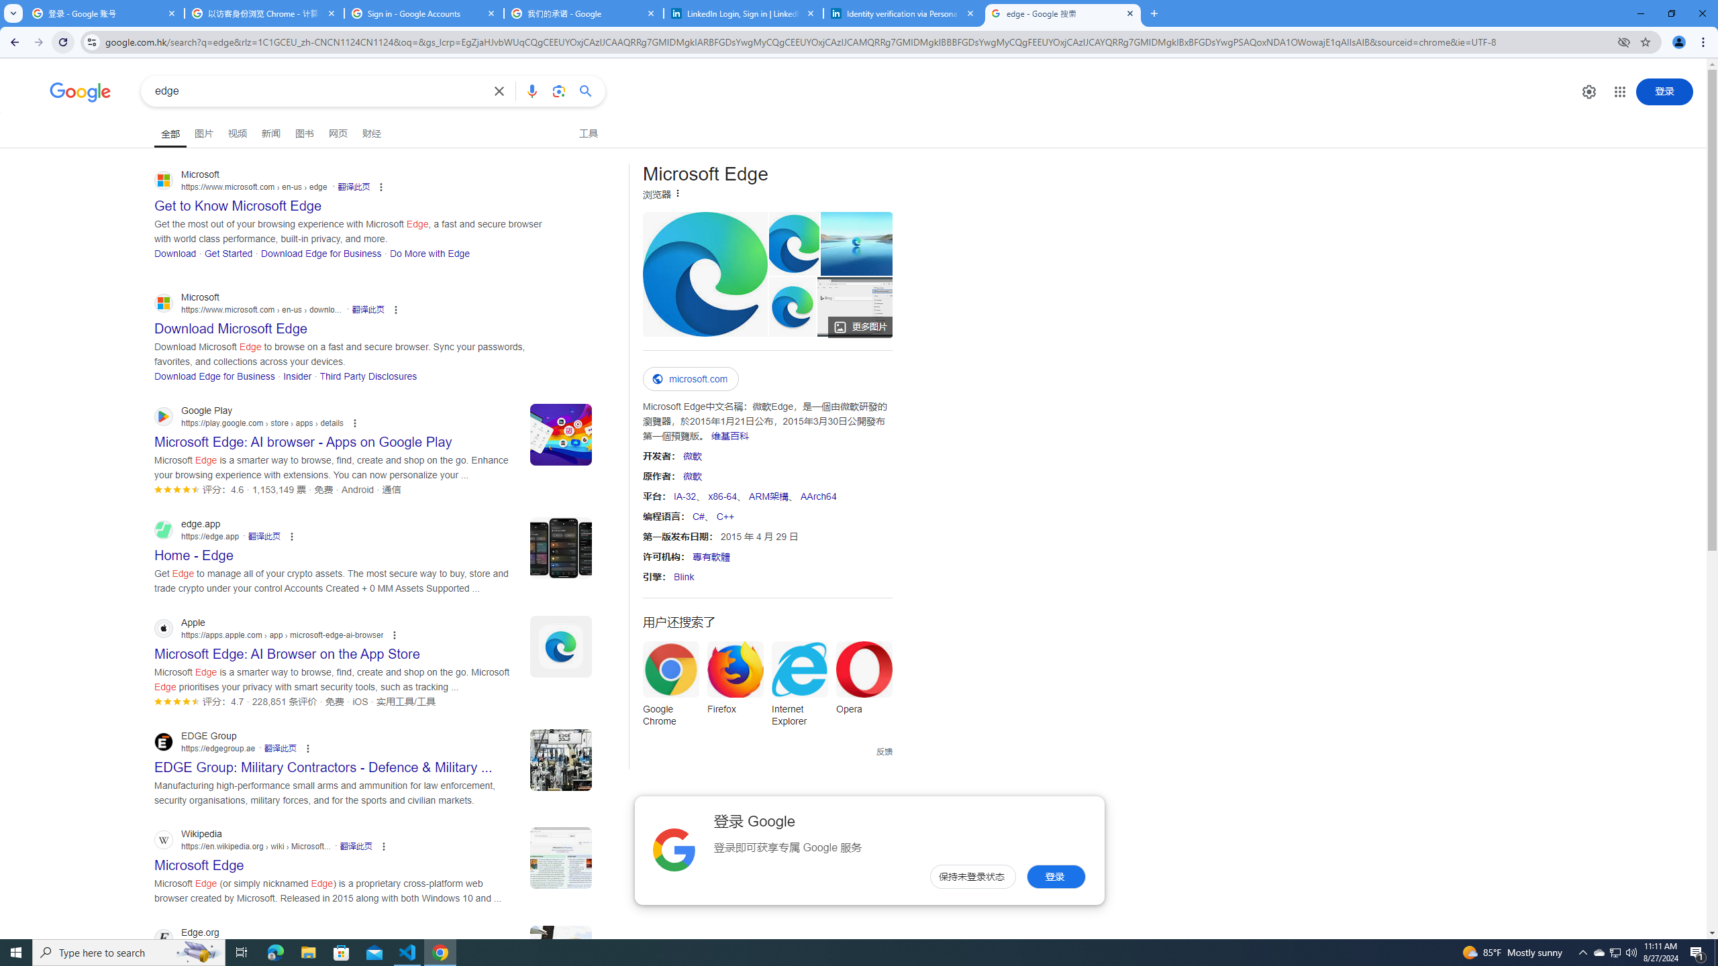 Image resolution: width=1718 pixels, height=966 pixels. Describe the element at coordinates (690, 378) in the screenshot. I see `'microsoft.com'` at that location.